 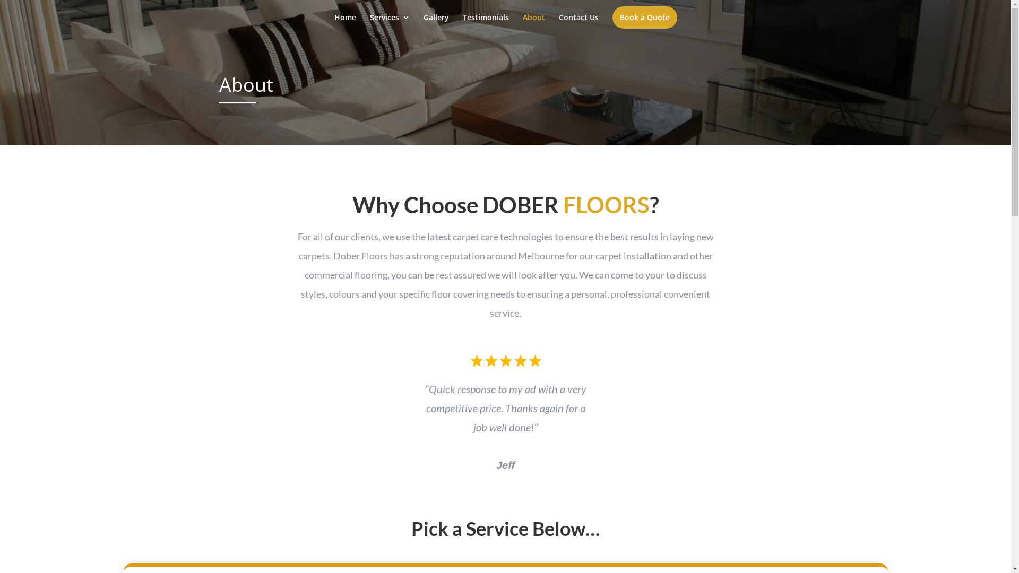 I want to click on 'About', so click(x=533, y=24).